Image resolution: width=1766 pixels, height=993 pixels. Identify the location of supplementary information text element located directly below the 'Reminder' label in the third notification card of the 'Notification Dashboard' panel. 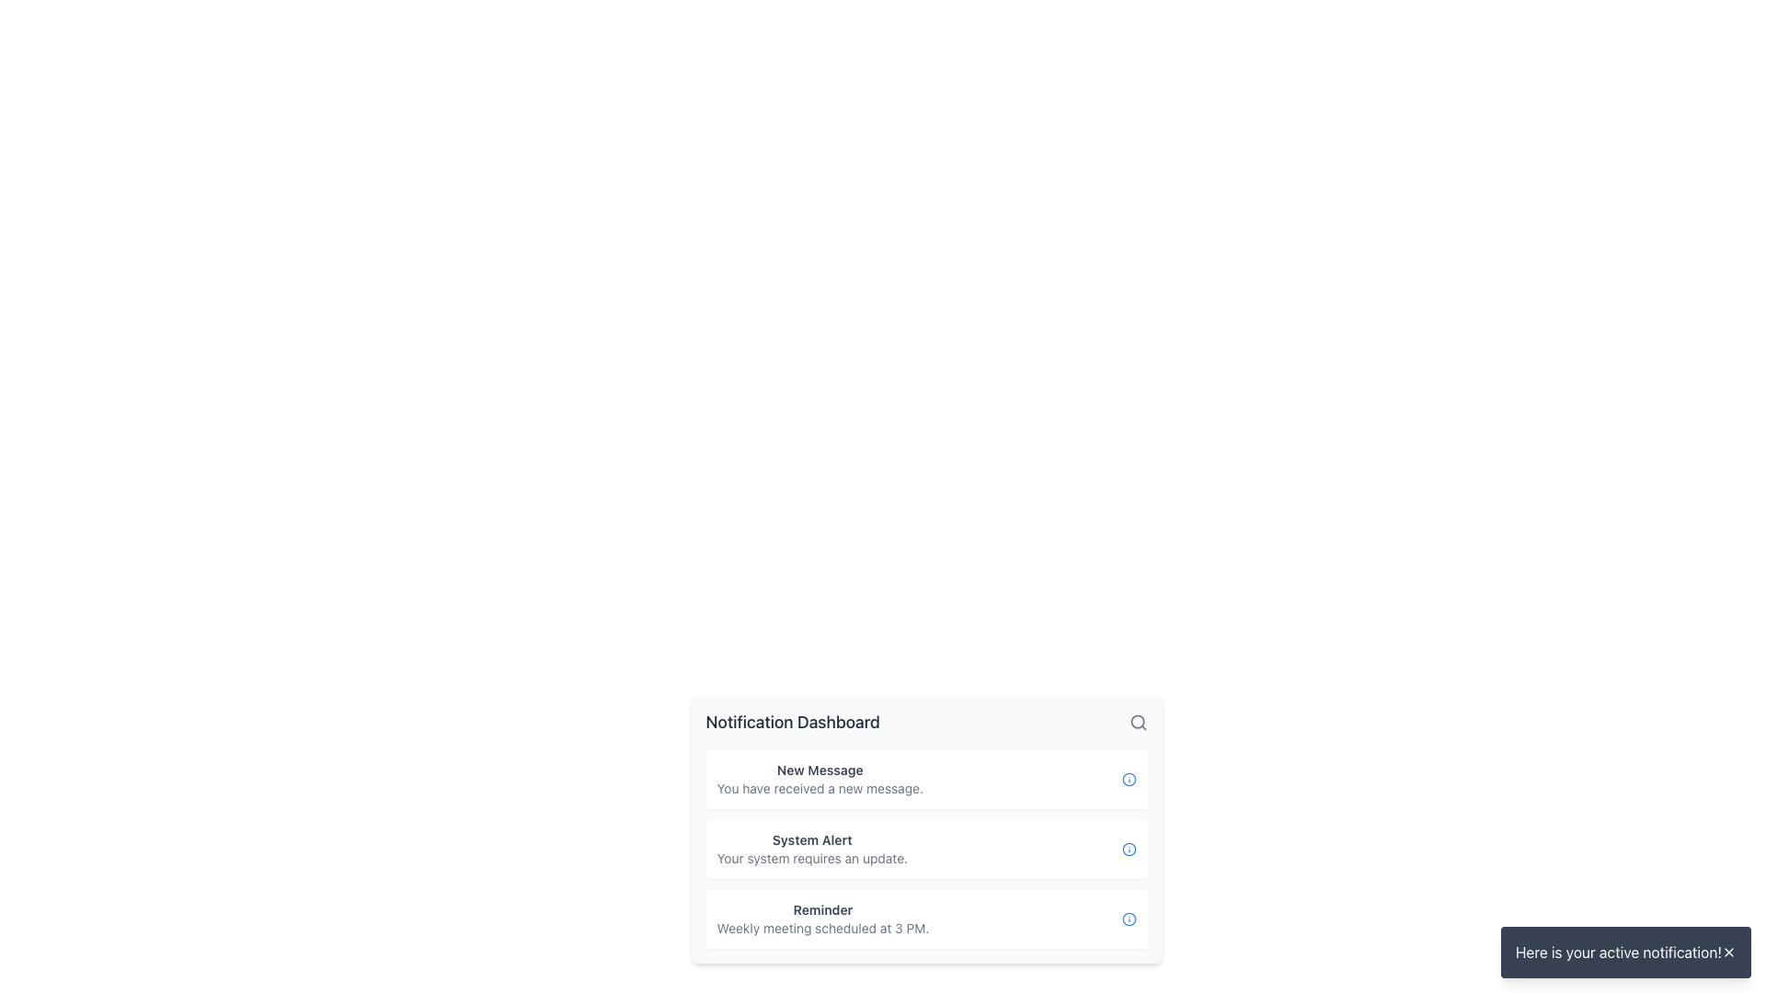
(821, 929).